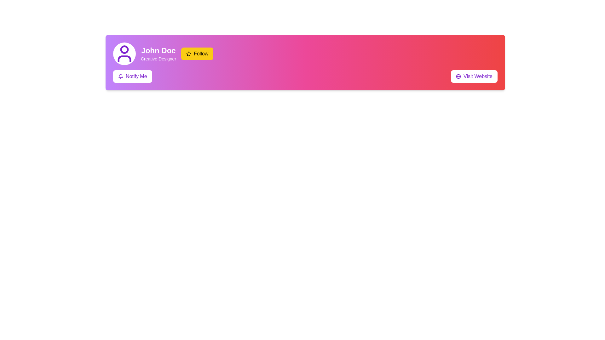  Describe the element at coordinates (124, 53) in the screenshot. I see `the Avatar Icon representing the user profile of 'John Doe', located to the left of the text elements and 'Follow' button` at that location.